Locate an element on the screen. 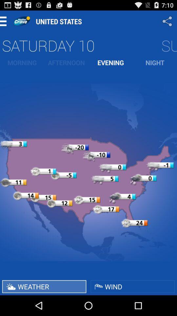 Image resolution: width=177 pixels, height=316 pixels. app next to night app is located at coordinates (110, 63).